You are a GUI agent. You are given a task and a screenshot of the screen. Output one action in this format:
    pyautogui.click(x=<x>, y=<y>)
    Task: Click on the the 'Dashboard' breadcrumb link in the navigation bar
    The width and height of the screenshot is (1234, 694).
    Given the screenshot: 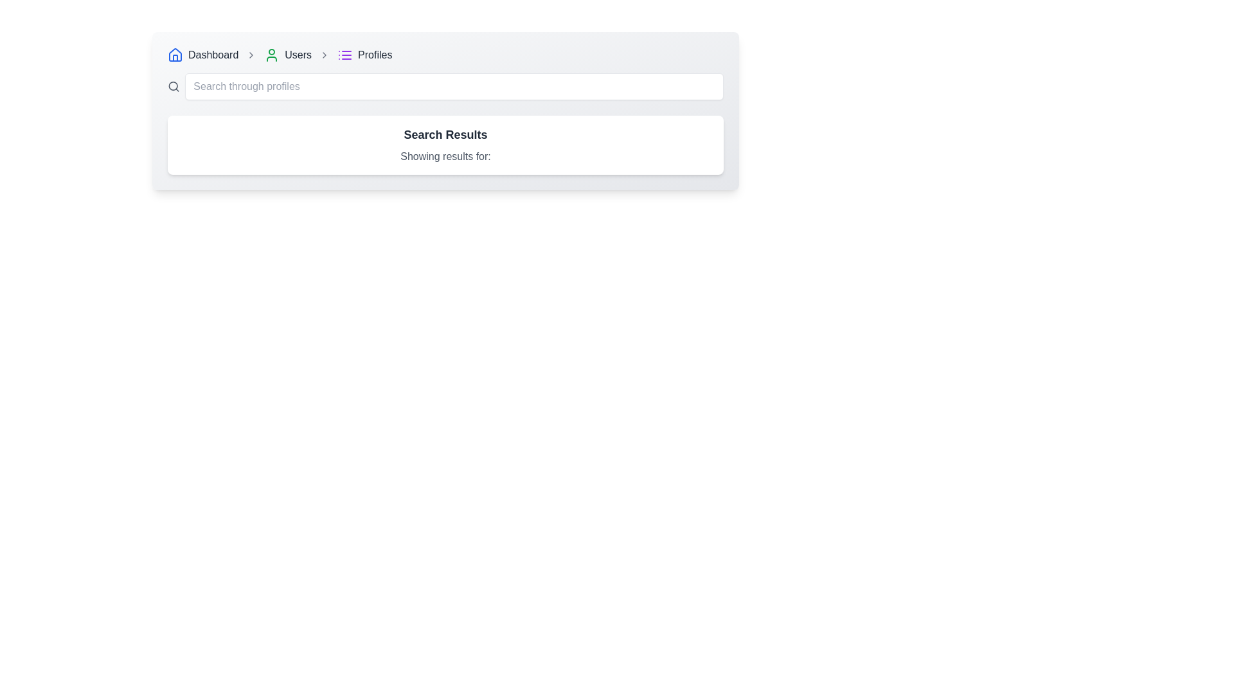 What is the action you would take?
    pyautogui.click(x=213, y=54)
    